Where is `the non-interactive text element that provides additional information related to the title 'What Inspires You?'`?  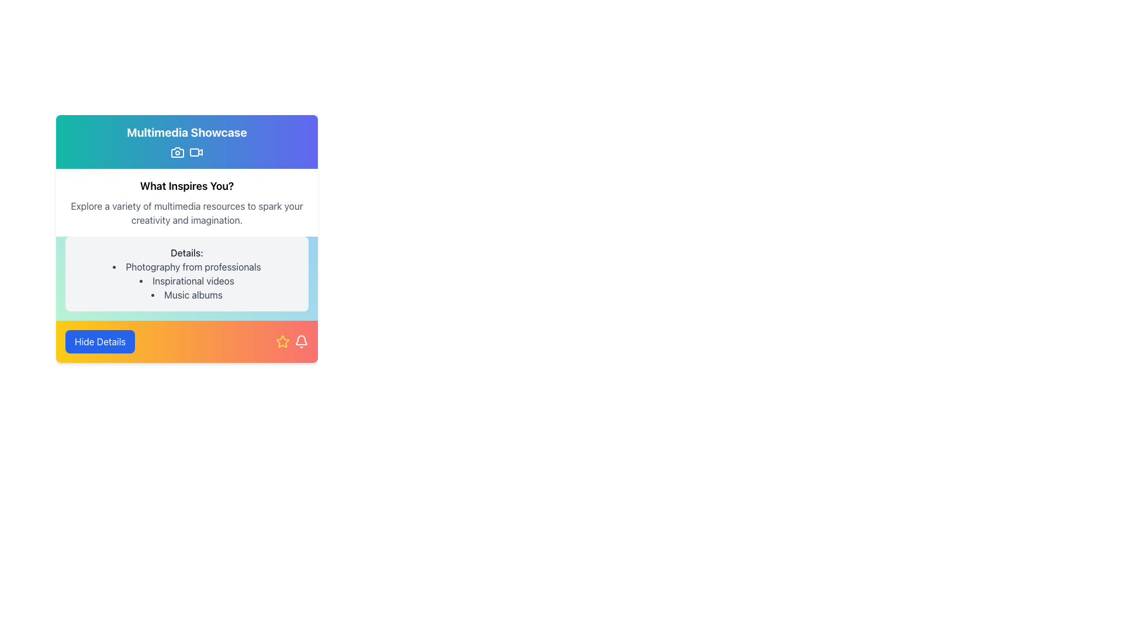
the non-interactive text element that provides additional information related to the title 'What Inspires You?' is located at coordinates (187, 213).